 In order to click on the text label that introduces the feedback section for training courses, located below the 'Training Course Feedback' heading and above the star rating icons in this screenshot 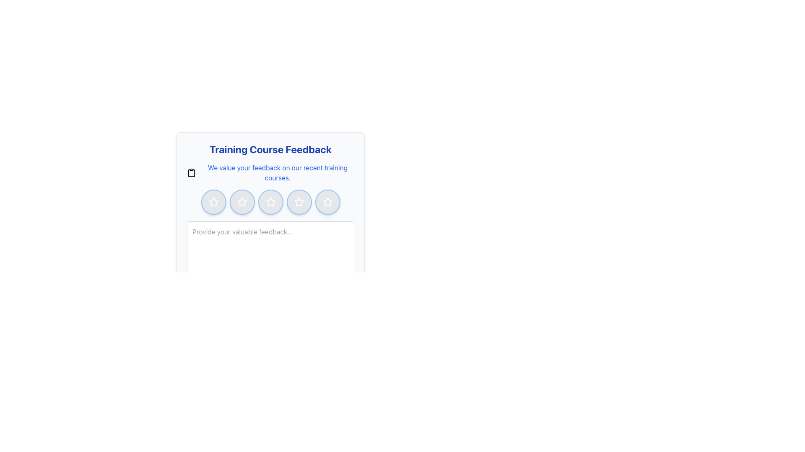, I will do `click(270, 172)`.